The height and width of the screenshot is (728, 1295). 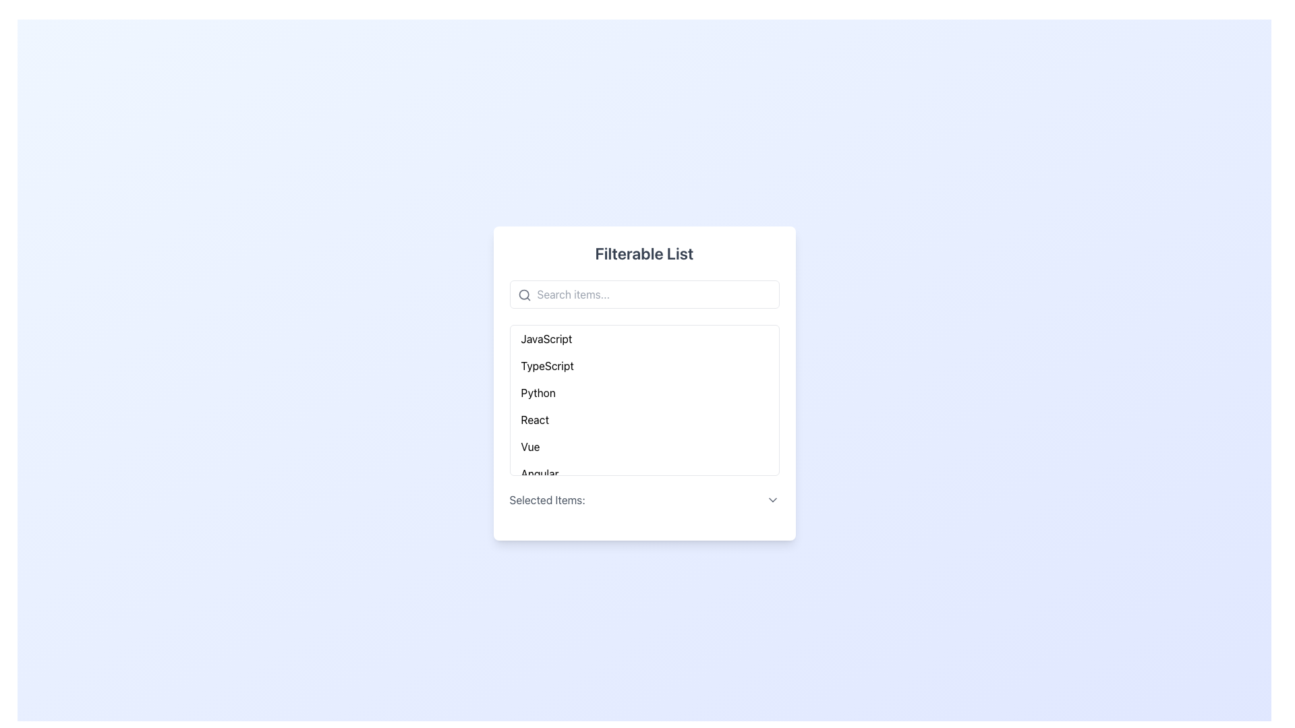 What do you see at coordinates (538, 392) in the screenshot?
I see `the list item displaying the text 'Python'` at bounding box center [538, 392].